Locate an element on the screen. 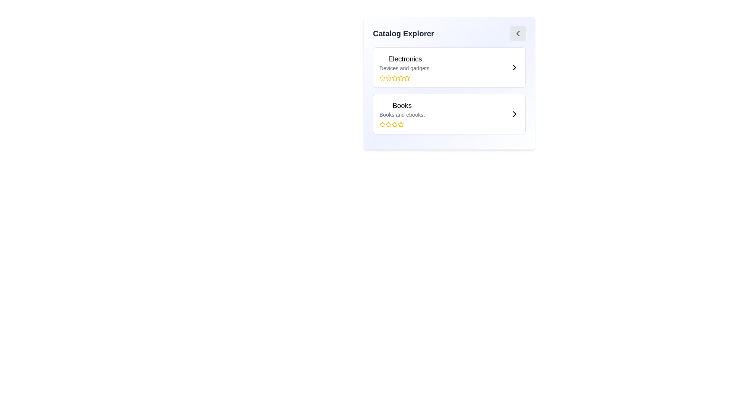 This screenshot has height=412, width=733. the second star-shaped icon in the rating system below the 'Electronics' title is located at coordinates (388, 78).